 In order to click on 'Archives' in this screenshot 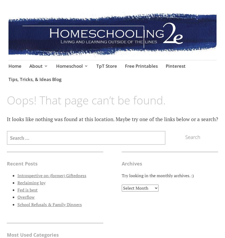, I will do `click(132, 163)`.